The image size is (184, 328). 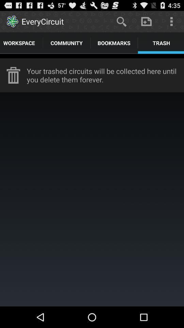 What do you see at coordinates (13, 75) in the screenshot?
I see `icon next to the your trashed circuits item` at bounding box center [13, 75].